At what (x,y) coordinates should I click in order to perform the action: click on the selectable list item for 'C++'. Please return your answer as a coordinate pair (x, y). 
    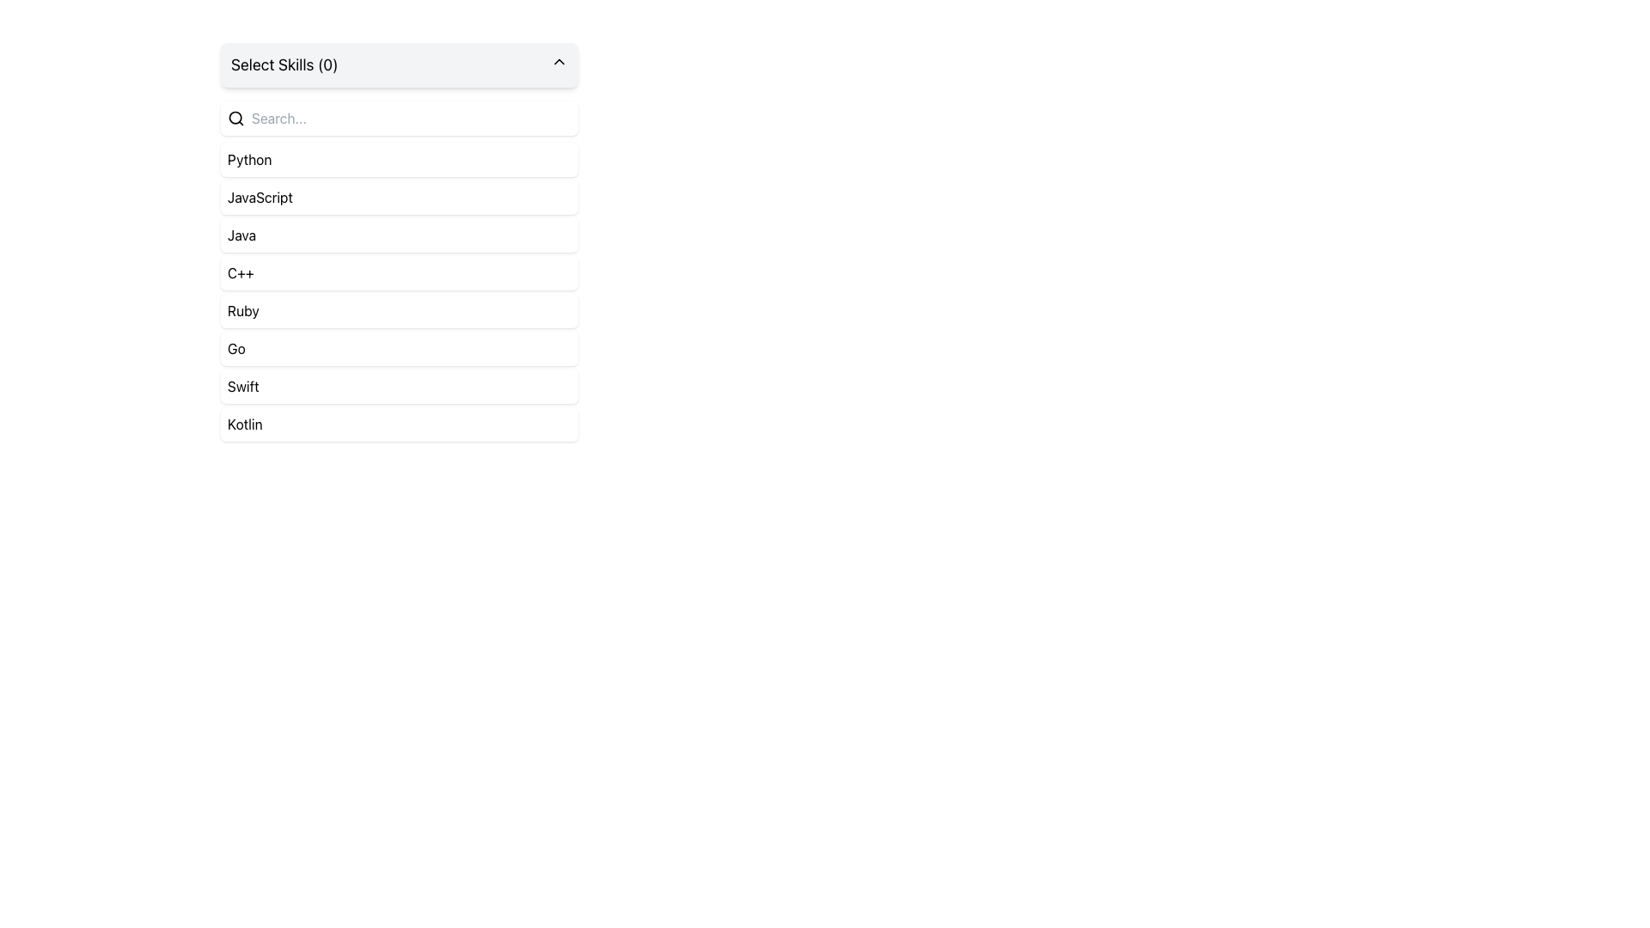
    Looking at the image, I should click on (399, 271).